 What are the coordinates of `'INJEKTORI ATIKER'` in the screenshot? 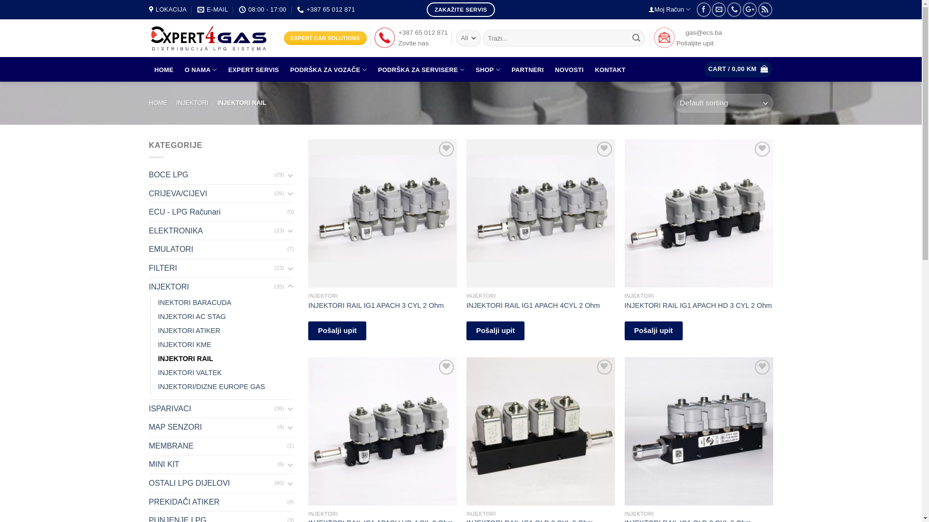 It's located at (189, 330).